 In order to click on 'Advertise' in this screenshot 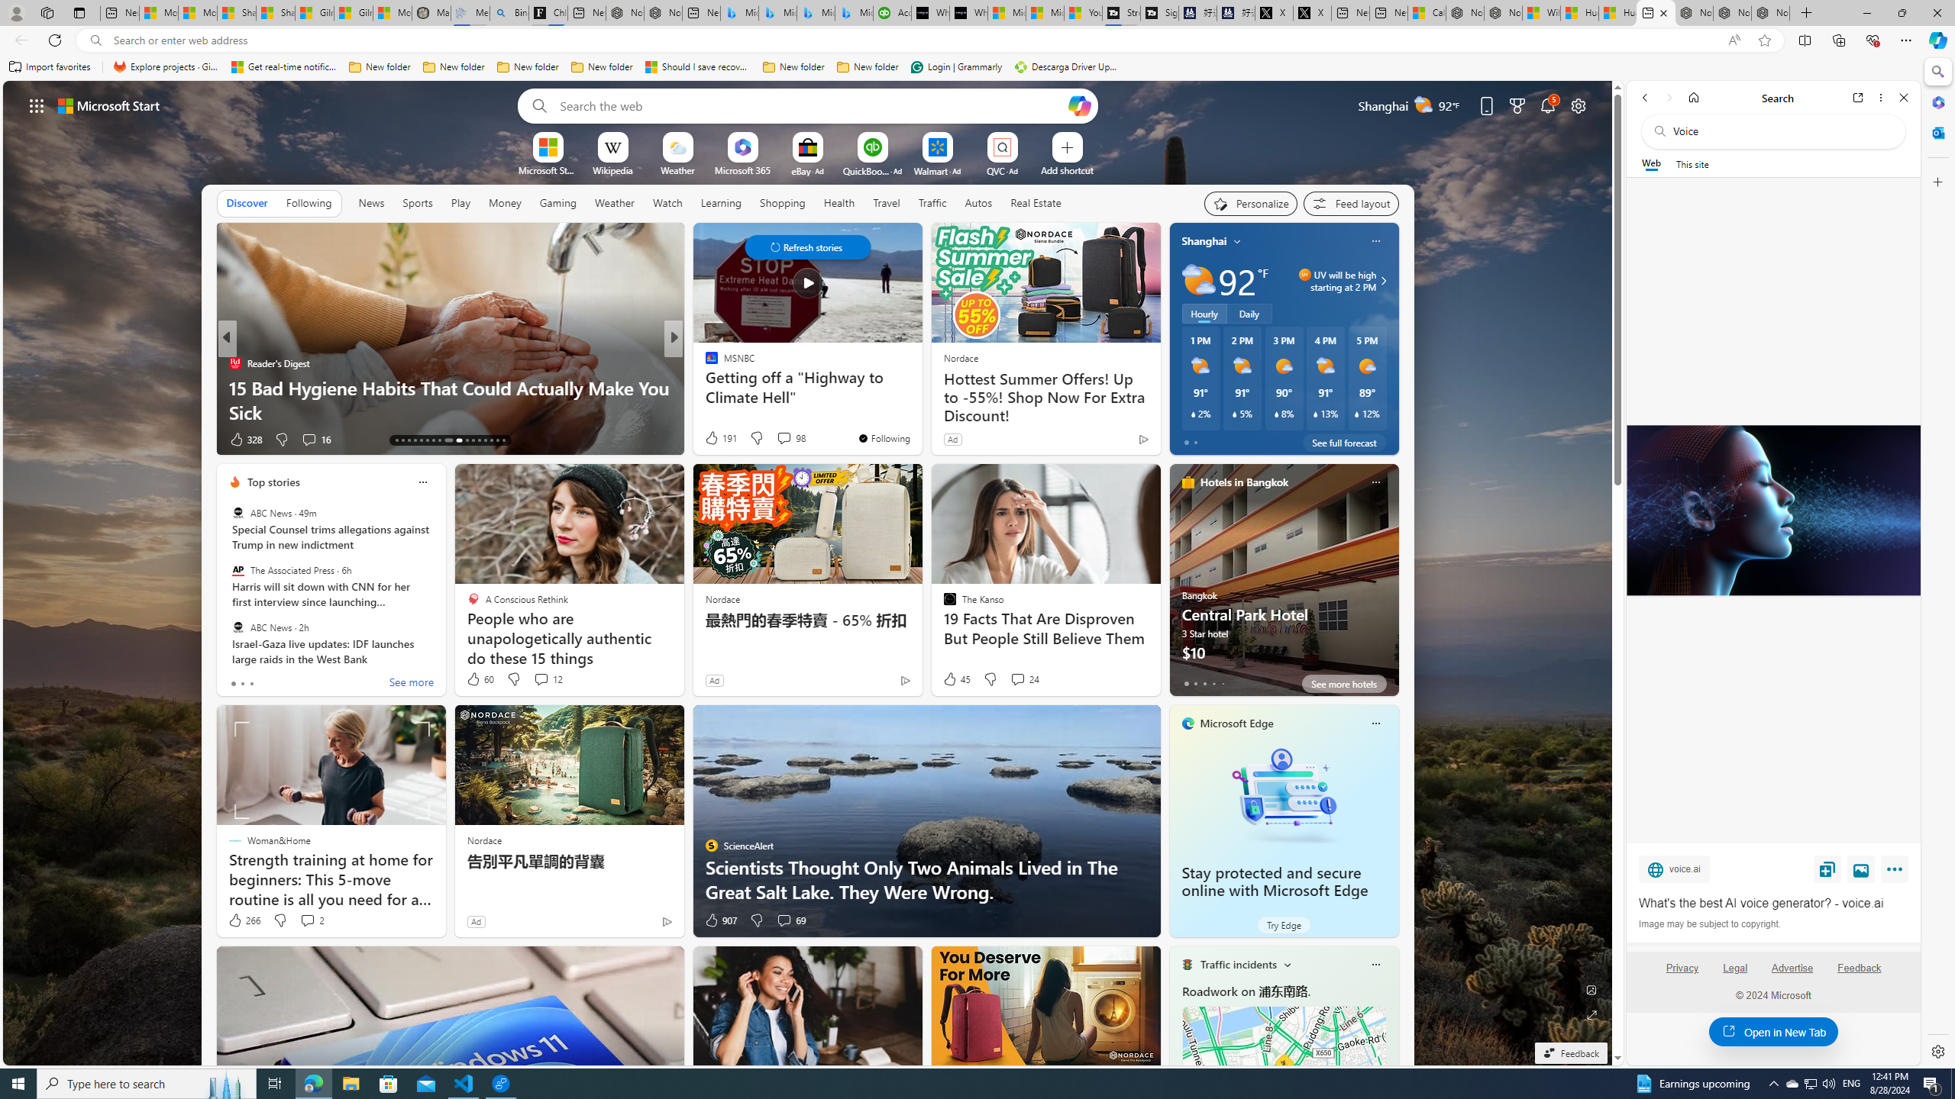, I will do `click(1792, 973)`.